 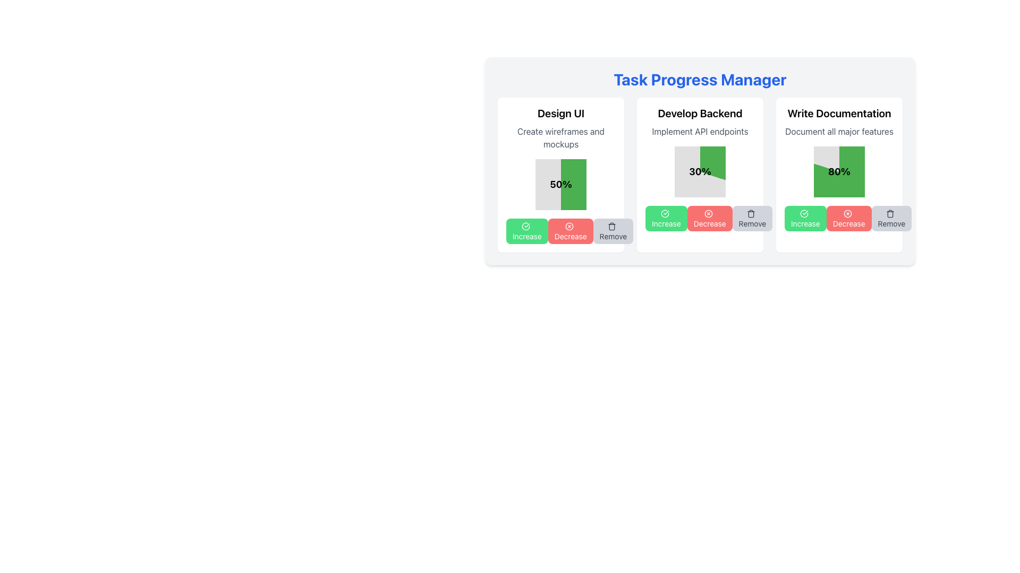 What do you see at coordinates (891, 218) in the screenshot?
I see `the third button in the horizontal row below the 'Write Documentation' card` at bounding box center [891, 218].